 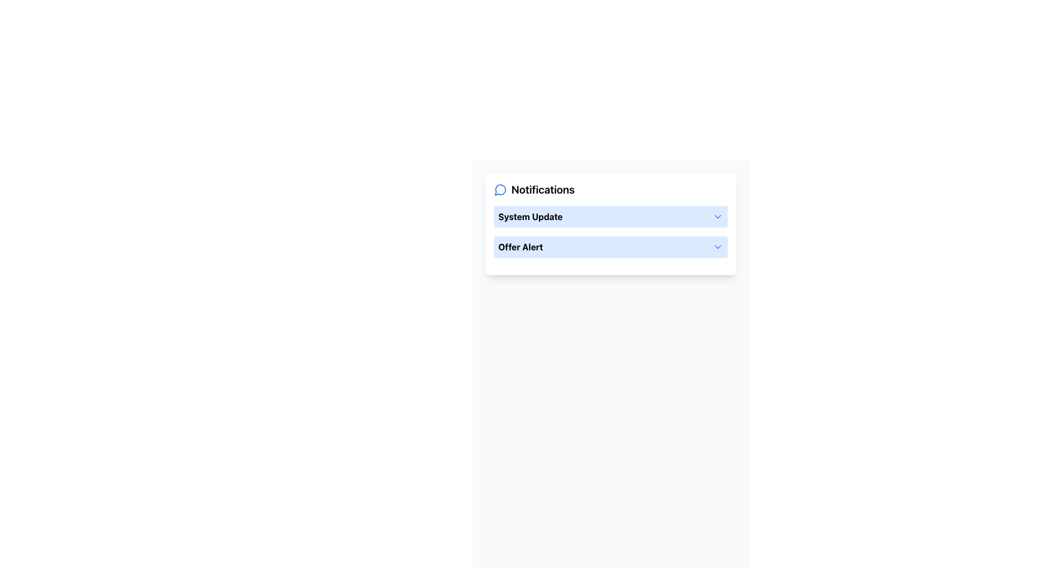 I want to click on the chevron of the first option in the 'System Update' notification dropdown to expand options, so click(x=610, y=217).